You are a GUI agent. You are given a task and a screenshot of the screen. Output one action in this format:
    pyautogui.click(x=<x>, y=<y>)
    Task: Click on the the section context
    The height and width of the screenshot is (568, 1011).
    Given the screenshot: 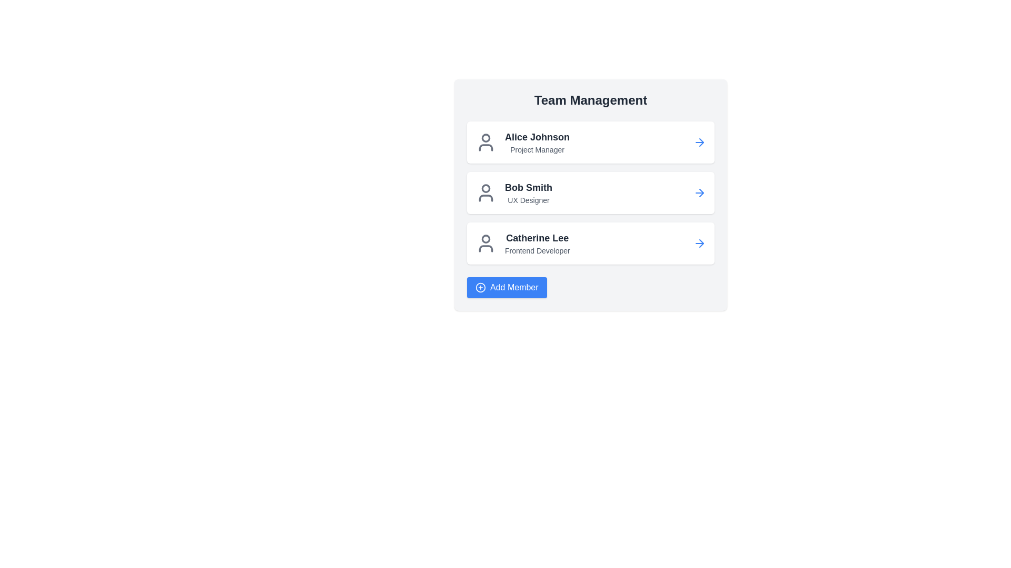 What is the action you would take?
    pyautogui.click(x=591, y=100)
    